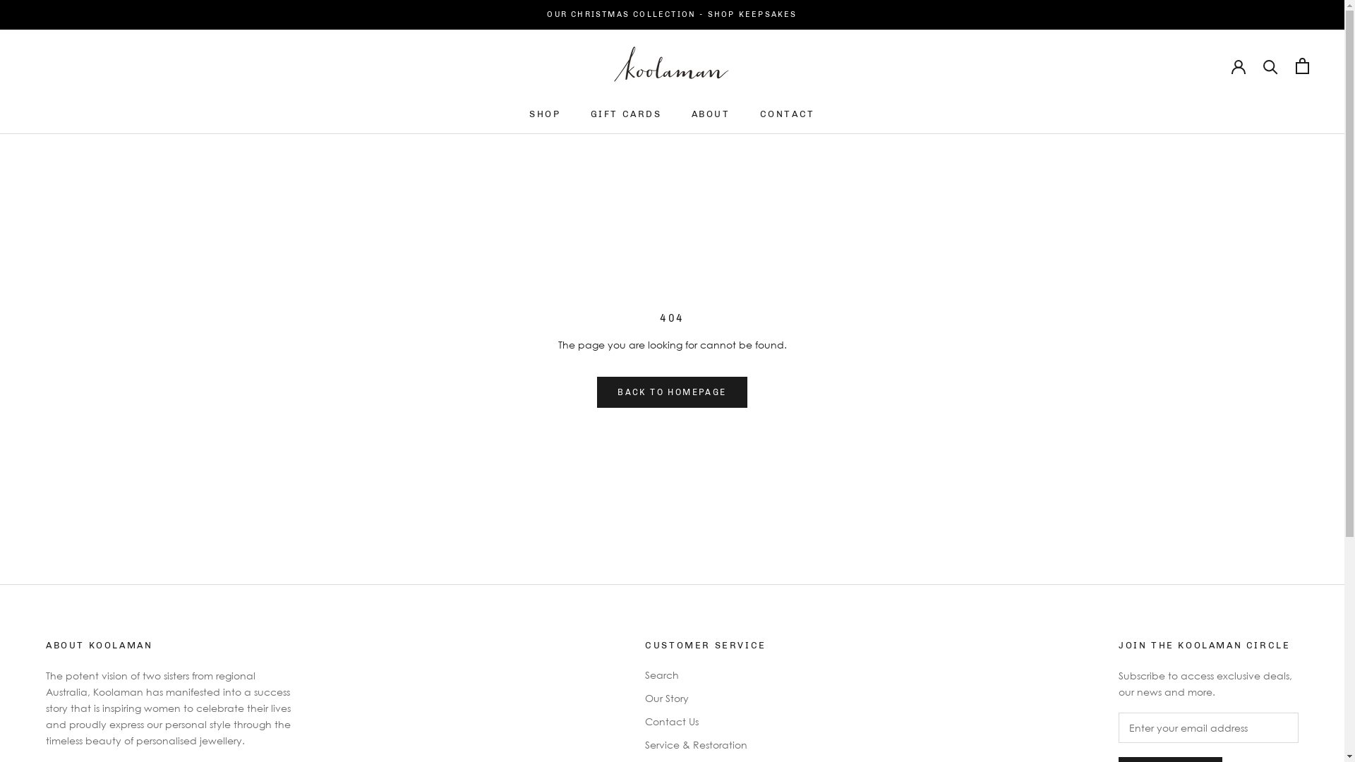 The height and width of the screenshot is (762, 1355). What do you see at coordinates (670, 392) in the screenshot?
I see `'BACK TO HOMEPAGE'` at bounding box center [670, 392].